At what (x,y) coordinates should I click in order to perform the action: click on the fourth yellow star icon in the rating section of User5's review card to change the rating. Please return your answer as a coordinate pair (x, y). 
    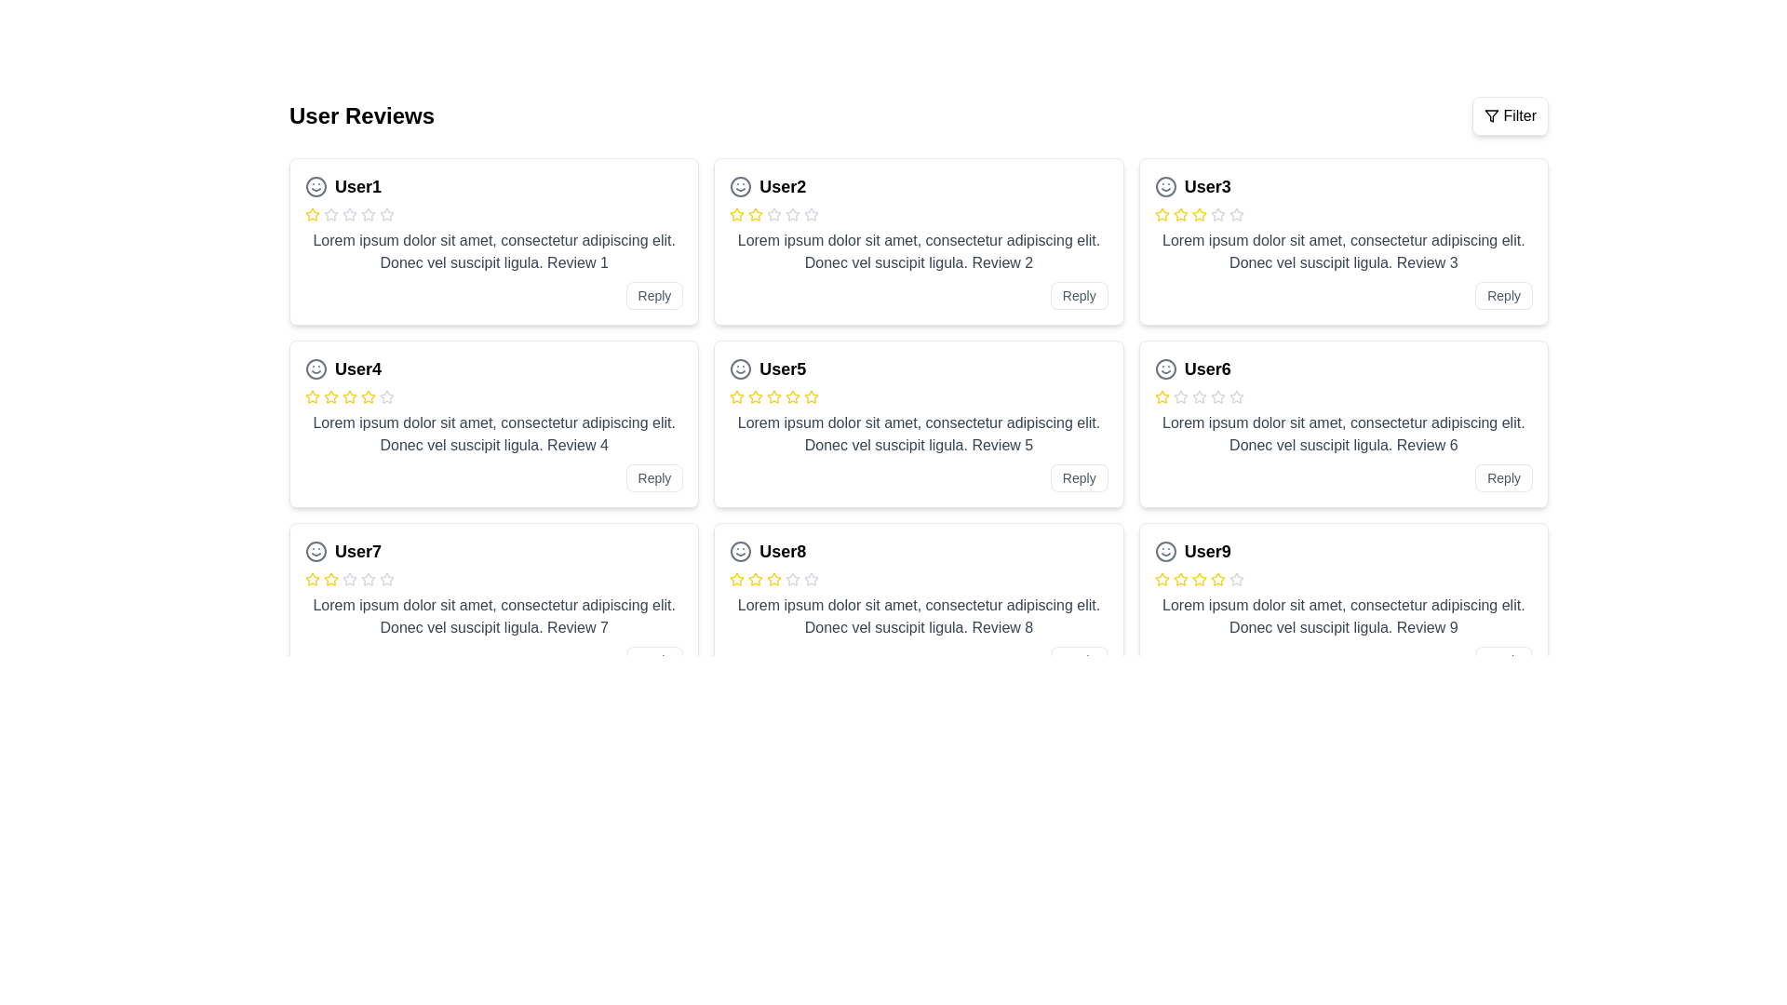
    Looking at the image, I should click on (773, 396).